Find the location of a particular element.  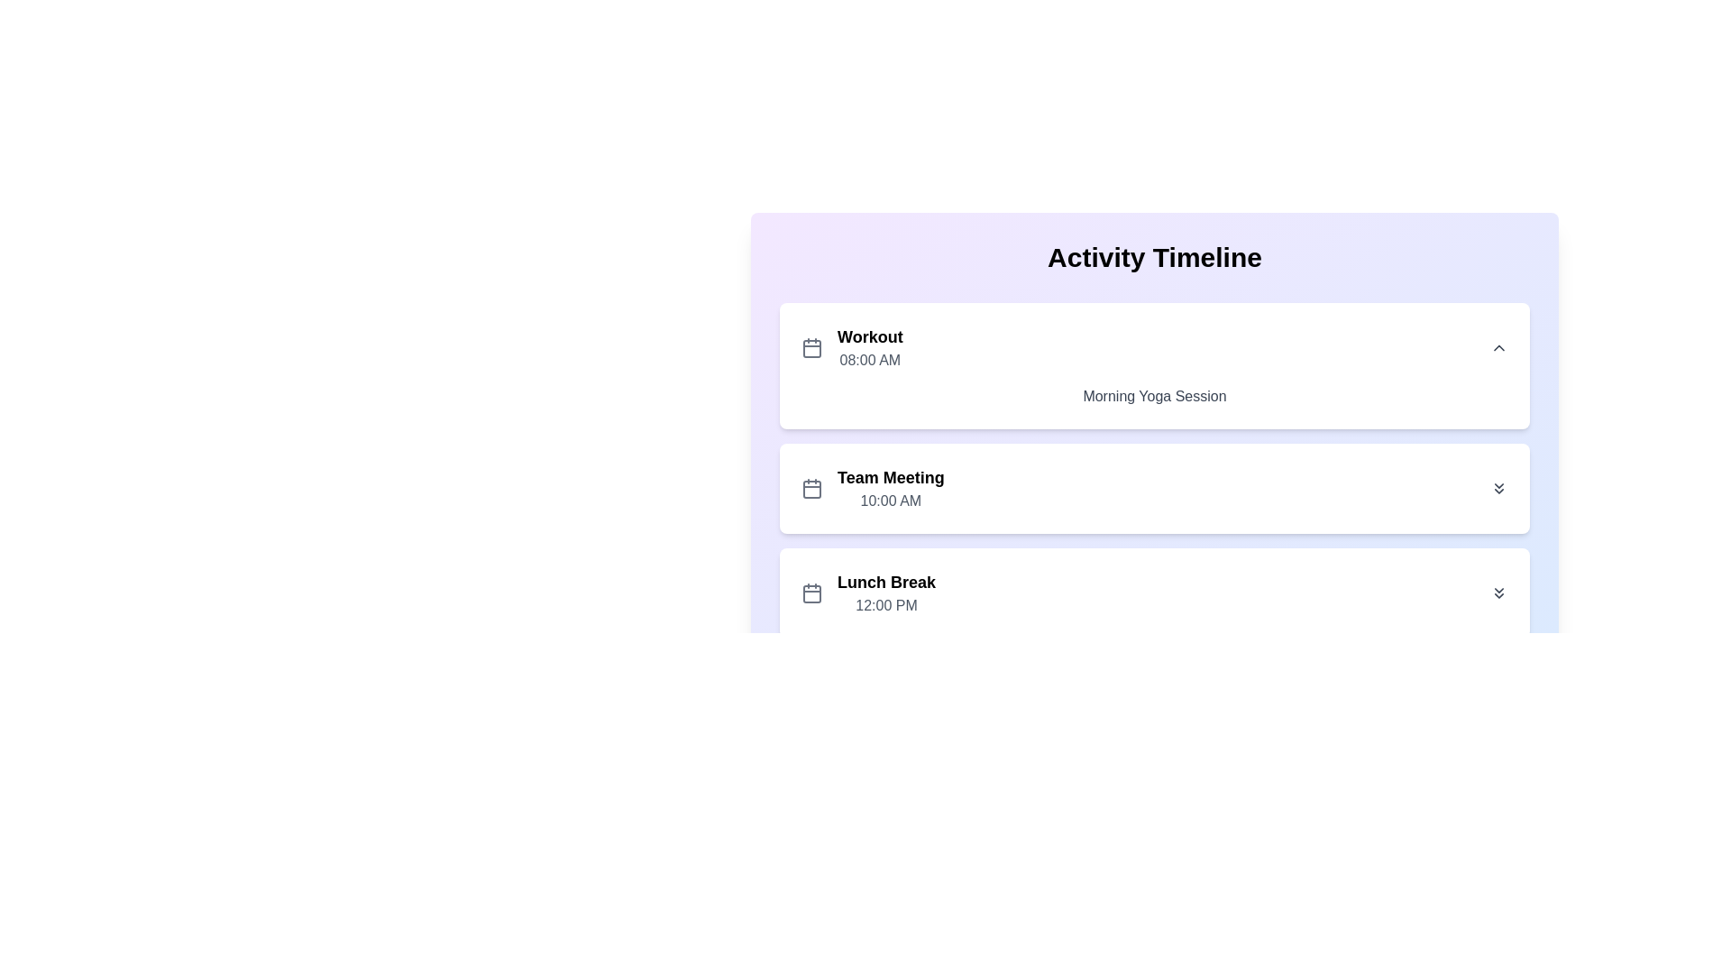

the information displayed in the Label showing 'Lunch Break' and '12:00 PM', which is the third entry in the vertical list of cards under the 'Activity Timeline' section is located at coordinates (886, 593).